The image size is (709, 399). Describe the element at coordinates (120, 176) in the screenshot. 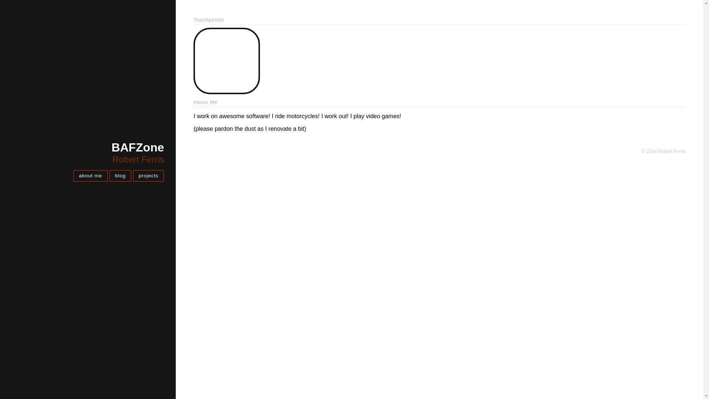

I see `'blog'` at that location.